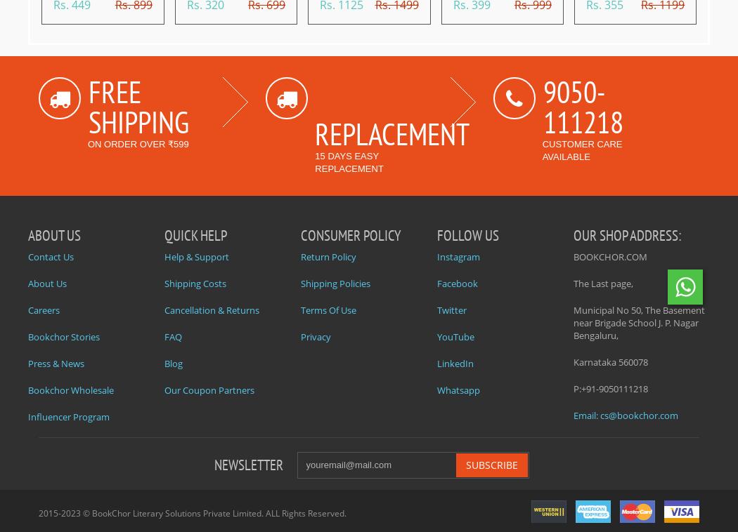 Image resolution: width=738 pixels, height=532 pixels. I want to click on 'Follow Us', so click(467, 234).